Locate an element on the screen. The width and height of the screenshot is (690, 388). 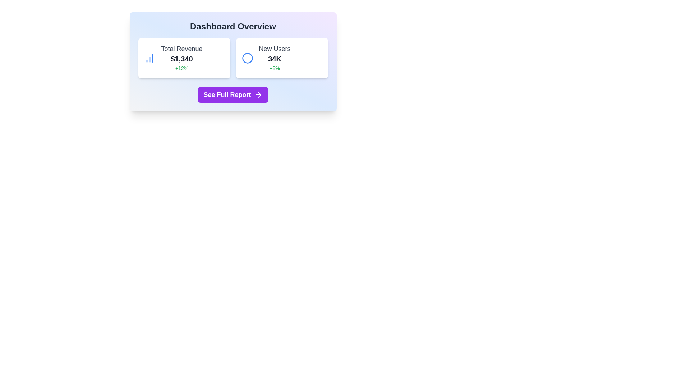
the text label indicating total revenue information, which is located above the text "$1,340" on the left side of the dashboard is located at coordinates (182, 48).